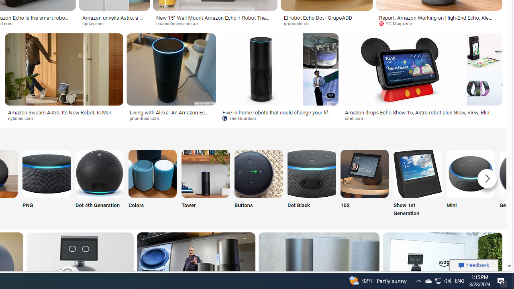 The width and height of the screenshot is (514, 289). I want to click on 'Amazon Echo PNG PNG', so click(46, 184).